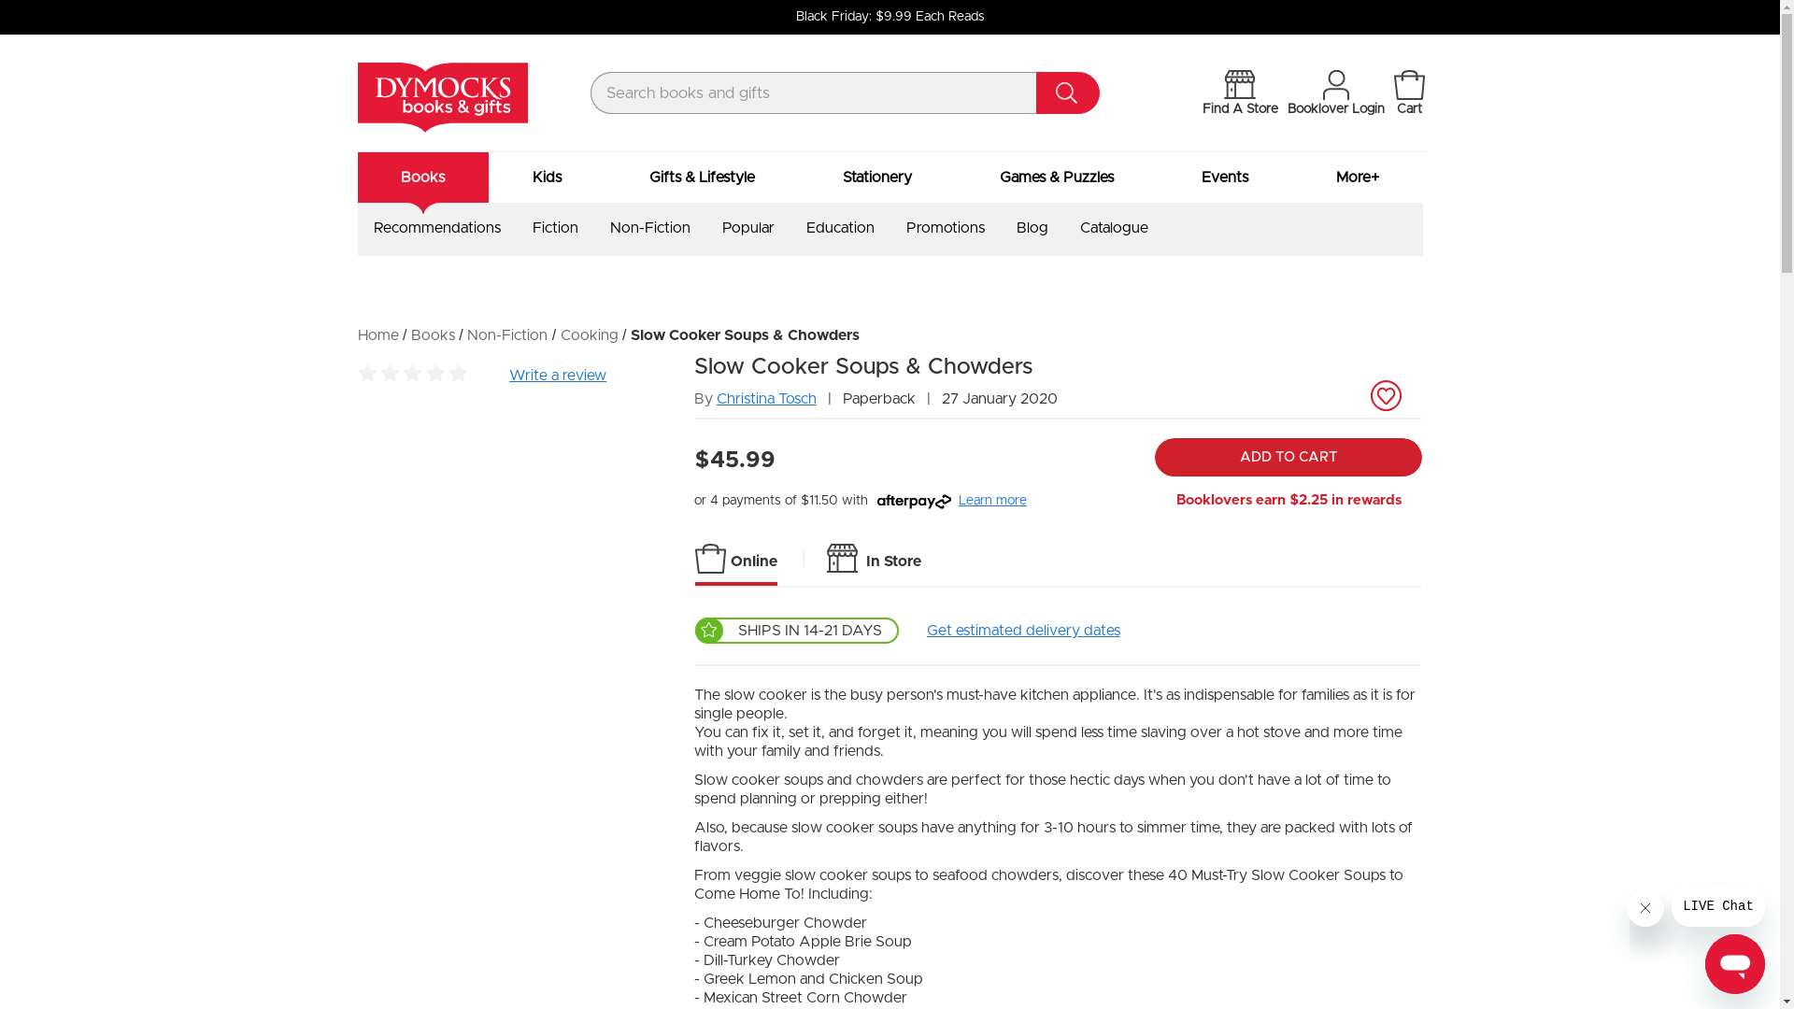 The height and width of the screenshot is (1009, 1794). What do you see at coordinates (1371, 380) in the screenshot?
I see `'Add to Wishlist'` at bounding box center [1371, 380].